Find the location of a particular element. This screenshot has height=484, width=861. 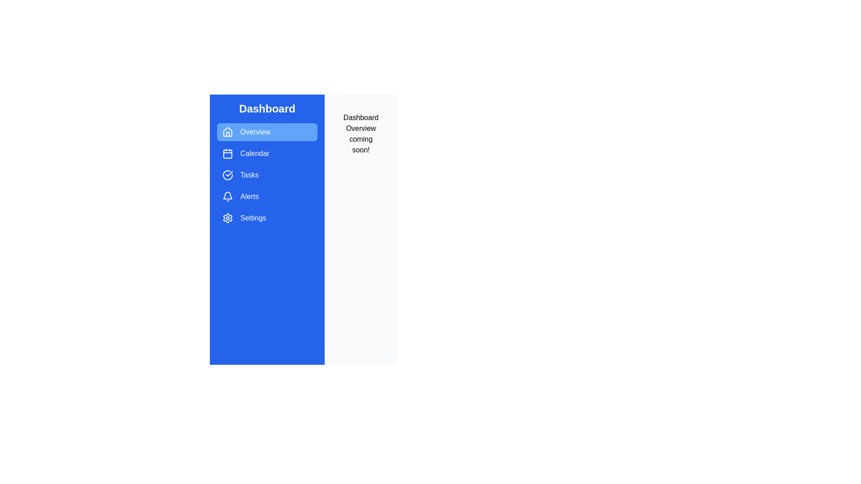

the static text header located at the top of the blue sidebar section, which serves as a title for the navigation options is located at coordinates (266, 108).